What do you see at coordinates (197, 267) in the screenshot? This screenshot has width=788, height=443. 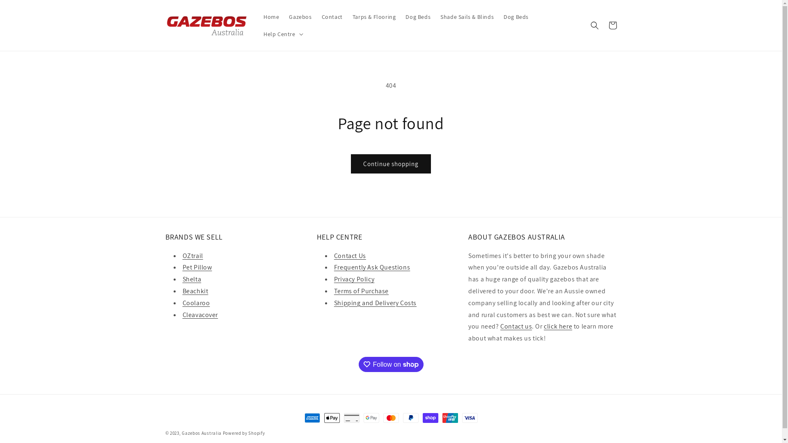 I see `'Pet Pillow'` at bounding box center [197, 267].